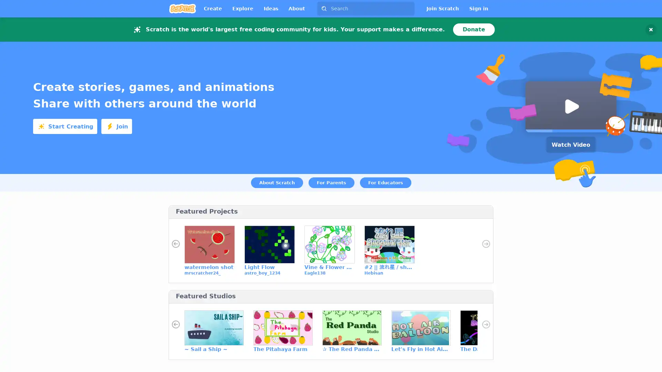 The height and width of the screenshot is (372, 662). What do you see at coordinates (473, 29) in the screenshot?
I see `Donate` at bounding box center [473, 29].